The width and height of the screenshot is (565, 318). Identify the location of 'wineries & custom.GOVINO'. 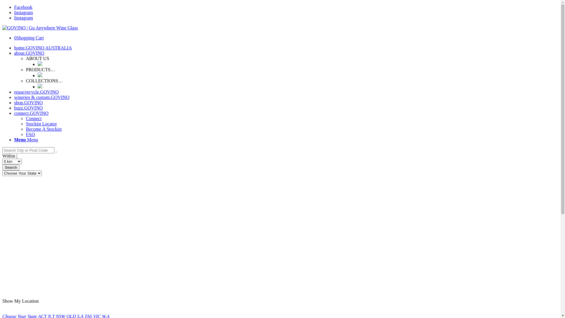
(41, 97).